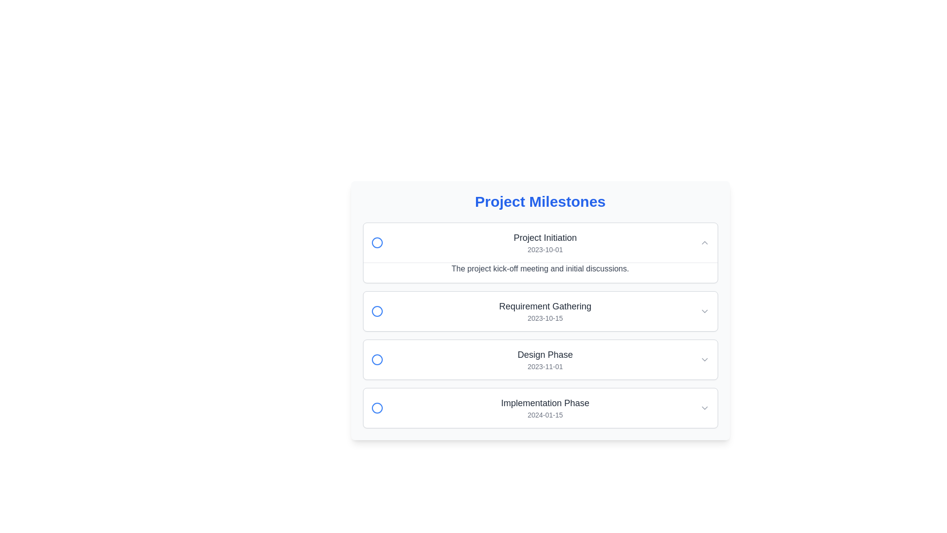 The width and height of the screenshot is (947, 533). Describe the element at coordinates (540, 201) in the screenshot. I see `header text located at the top of the milestone section, which provides context for the content below` at that location.